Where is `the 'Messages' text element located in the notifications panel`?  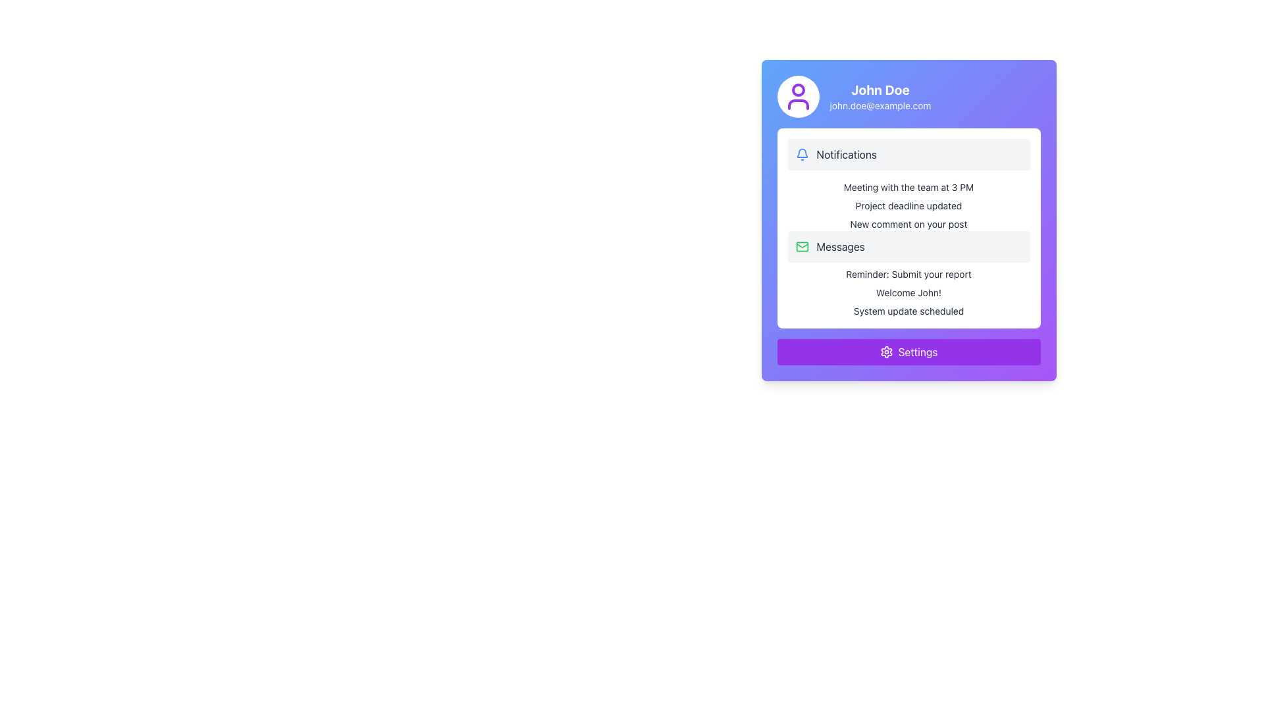 the 'Messages' text element located in the notifications panel is located at coordinates (840, 246).